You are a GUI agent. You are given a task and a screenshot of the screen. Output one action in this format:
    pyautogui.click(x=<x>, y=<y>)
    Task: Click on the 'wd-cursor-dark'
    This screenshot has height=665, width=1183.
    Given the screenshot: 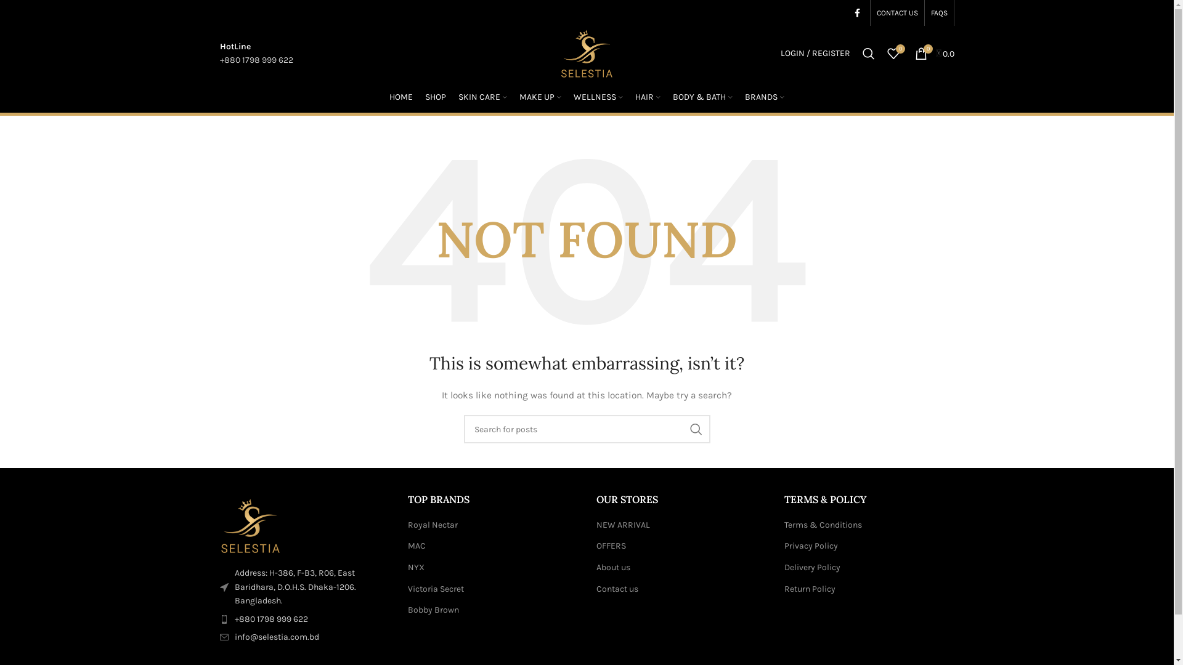 What is the action you would take?
    pyautogui.click(x=219, y=586)
    